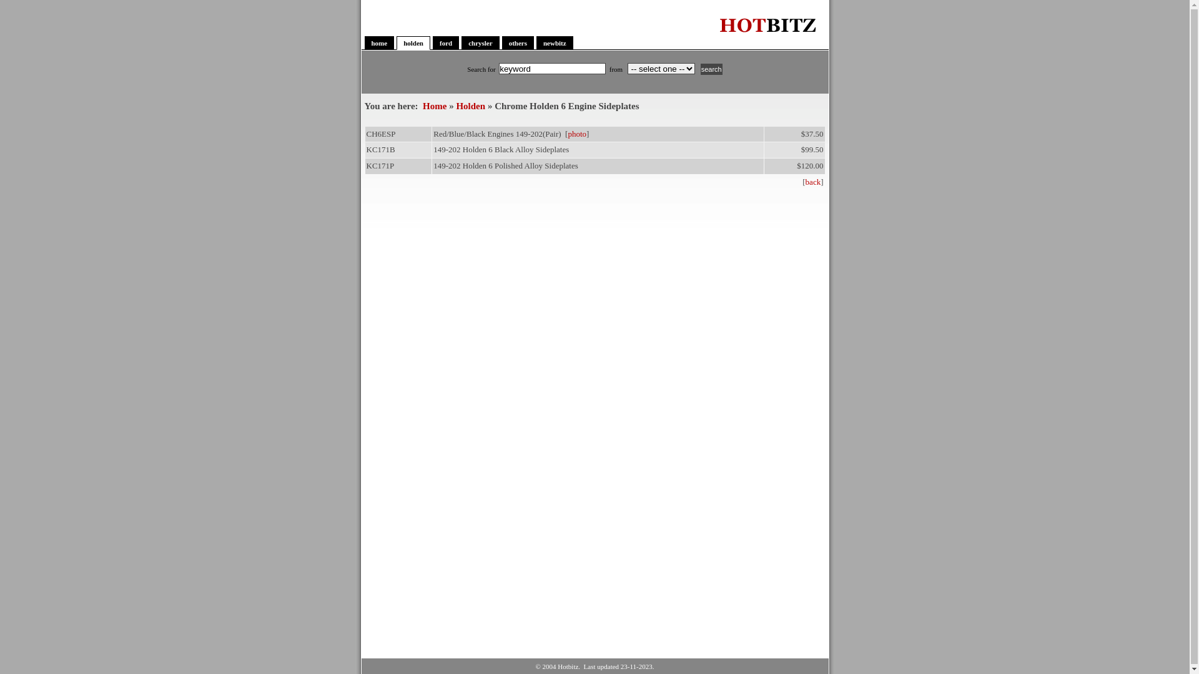 The image size is (1199, 674). I want to click on 'chrysler', so click(479, 42).